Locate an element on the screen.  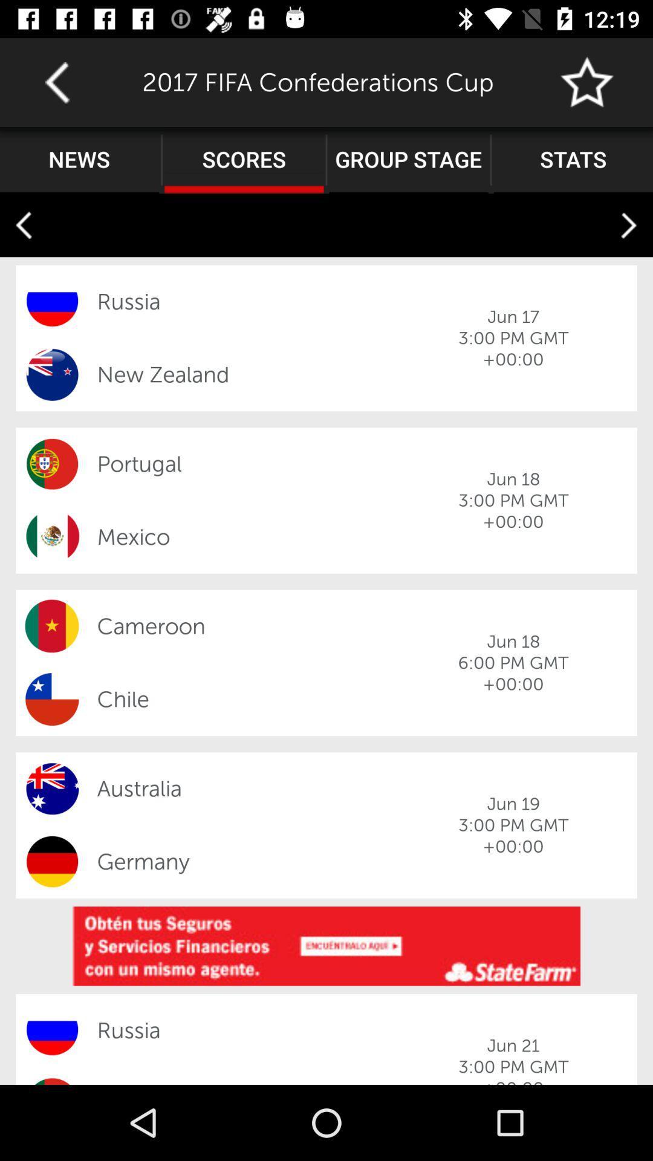
move to the icon beside new zealand is located at coordinates (51, 374).